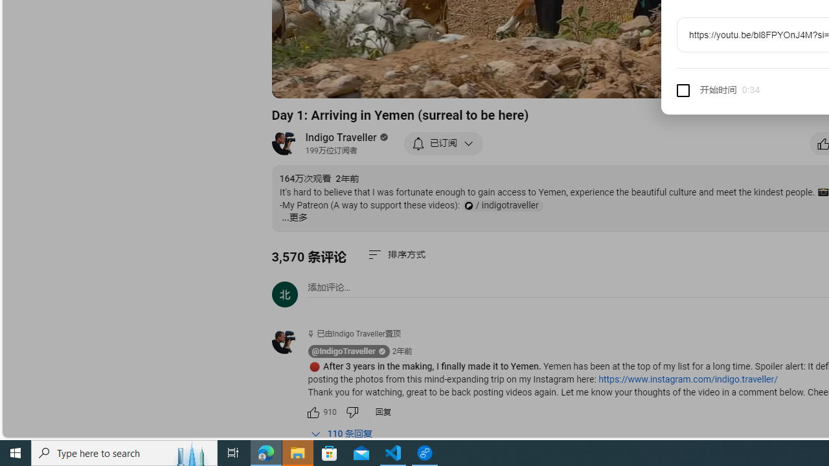  What do you see at coordinates (687, 379) in the screenshot?
I see `'https://www.instagram.com/indigo.traveller/'` at bounding box center [687, 379].